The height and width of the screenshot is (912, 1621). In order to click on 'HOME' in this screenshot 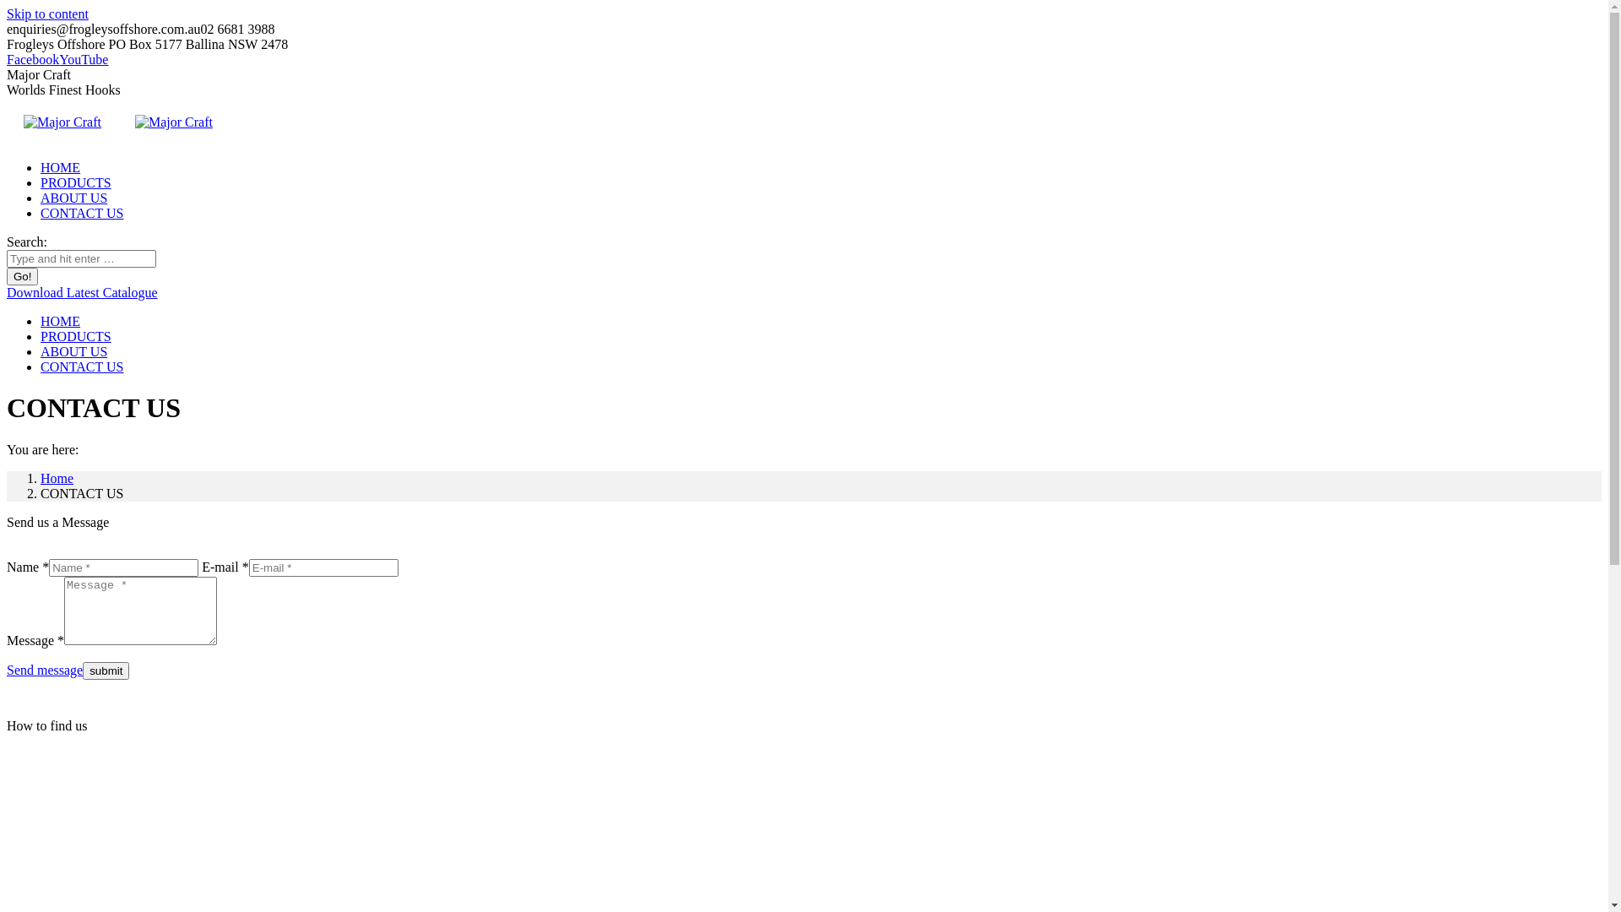, I will do `click(60, 321)`.